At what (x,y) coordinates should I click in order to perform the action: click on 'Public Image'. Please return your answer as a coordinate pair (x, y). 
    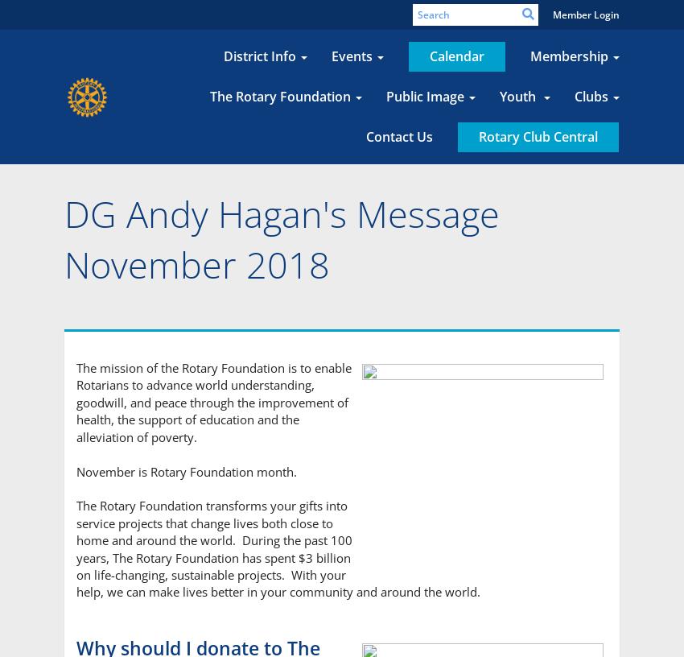
    Looking at the image, I should click on (424, 97).